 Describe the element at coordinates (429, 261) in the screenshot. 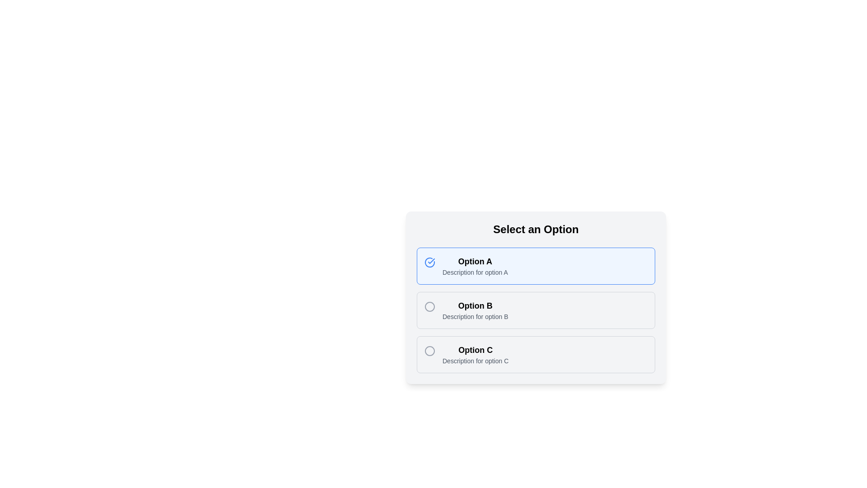

I see `the small circular blue icon with a check mark located at the top-left corner of the 'Option A' card` at that location.